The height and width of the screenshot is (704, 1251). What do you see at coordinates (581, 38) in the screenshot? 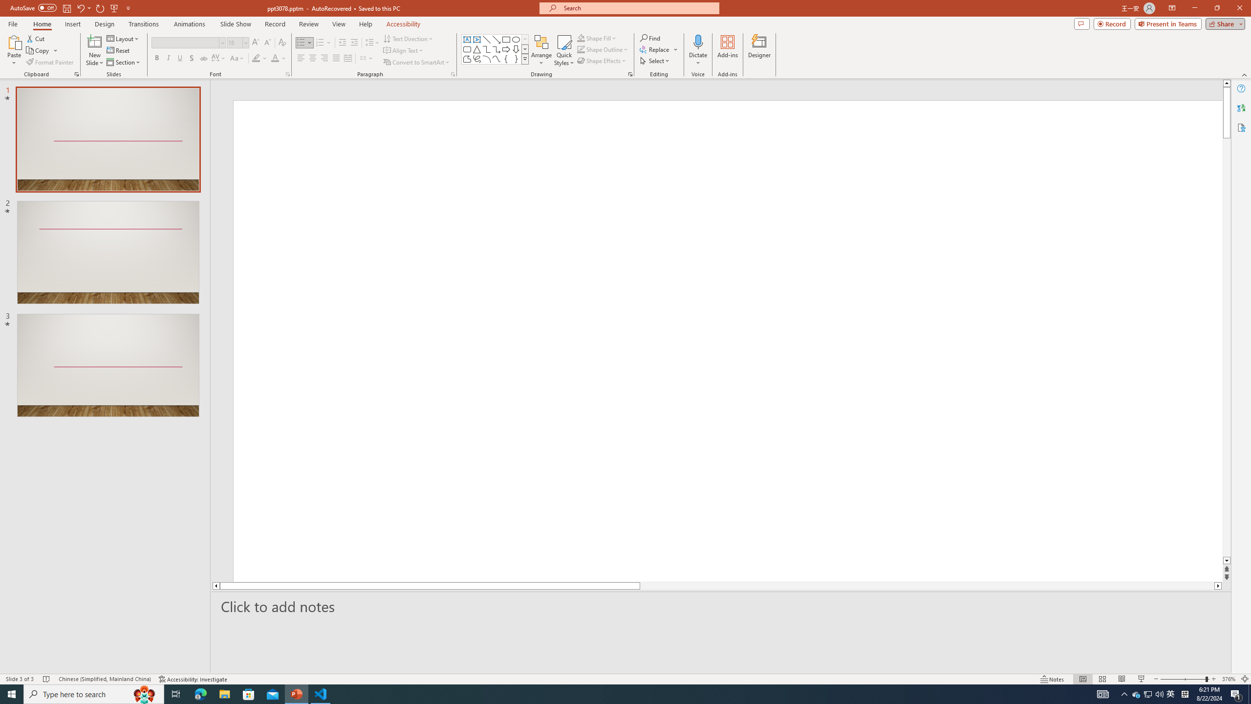
I see `'Shape Fill Dark Green, Accent 2'` at bounding box center [581, 38].